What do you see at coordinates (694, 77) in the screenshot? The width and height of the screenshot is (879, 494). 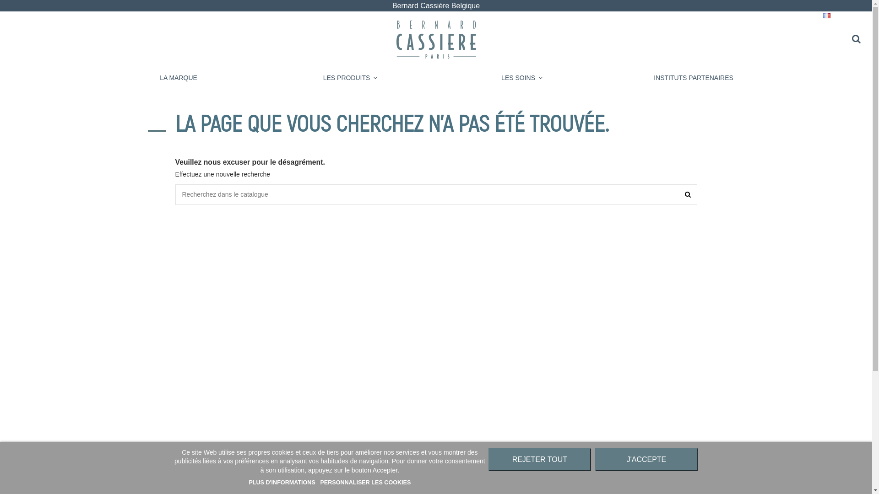 I see `'INSTITUTS PARTENAIRES'` at bounding box center [694, 77].